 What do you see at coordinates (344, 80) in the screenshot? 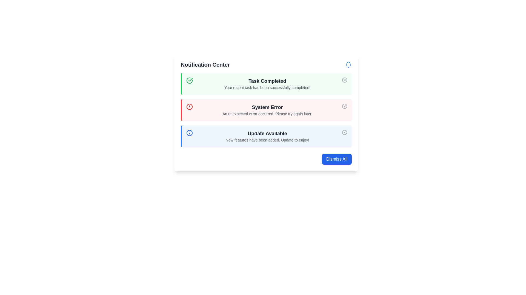
I see `the main circular shape of the icon located inside the green notification block at the top of the panel` at bounding box center [344, 80].